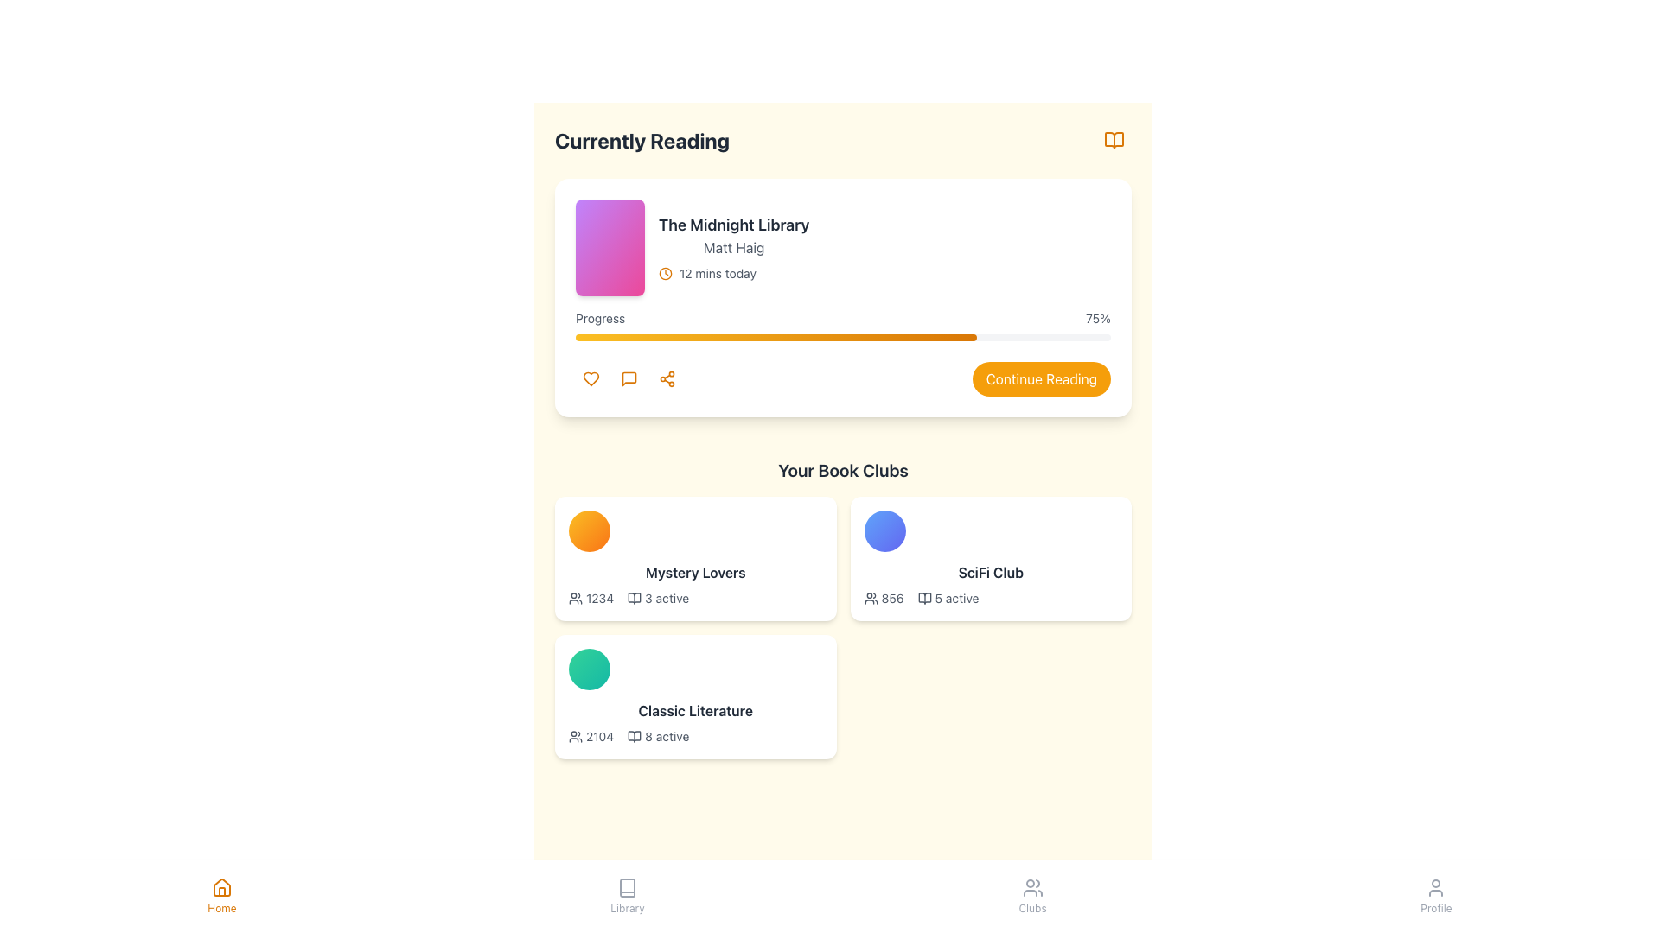 This screenshot has height=933, width=1660. I want to click on the Progress Bar Indicator that visually represents 75% completion in the 'Currently Reading' section, positioned just below the book details and above the control buttons, so click(776, 337).